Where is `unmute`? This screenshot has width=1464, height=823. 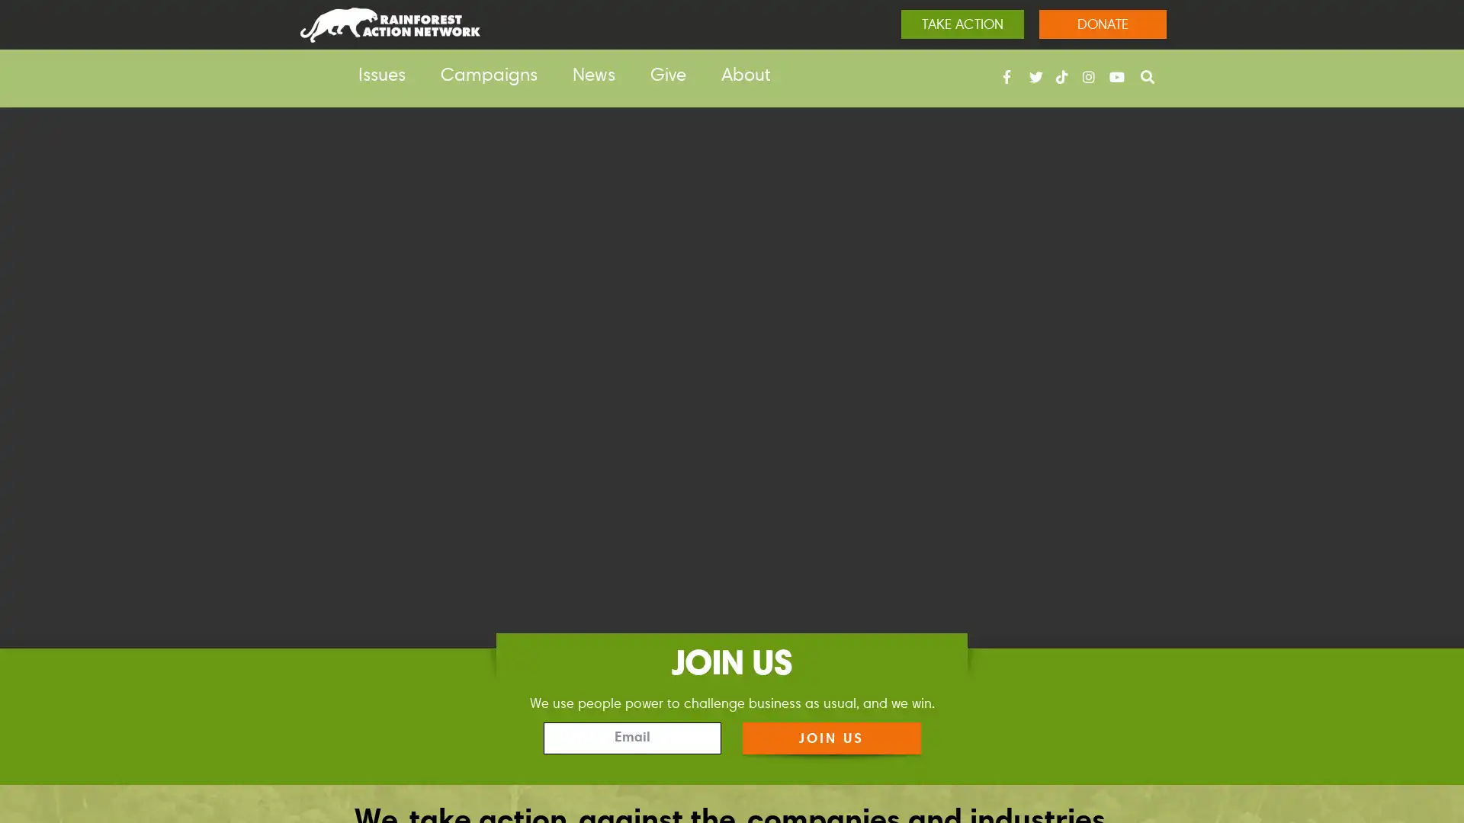 unmute is located at coordinates (1328, 742).